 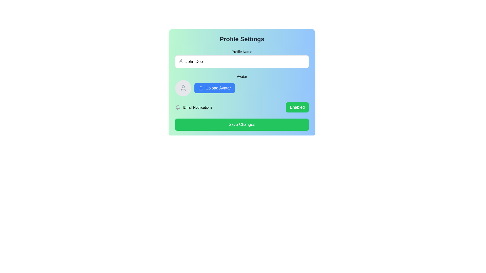 What do you see at coordinates (241, 52) in the screenshot?
I see `the text label that displays 'Profile Name', which is a medium, bold, sans-serif font located at the top of the form section` at bounding box center [241, 52].